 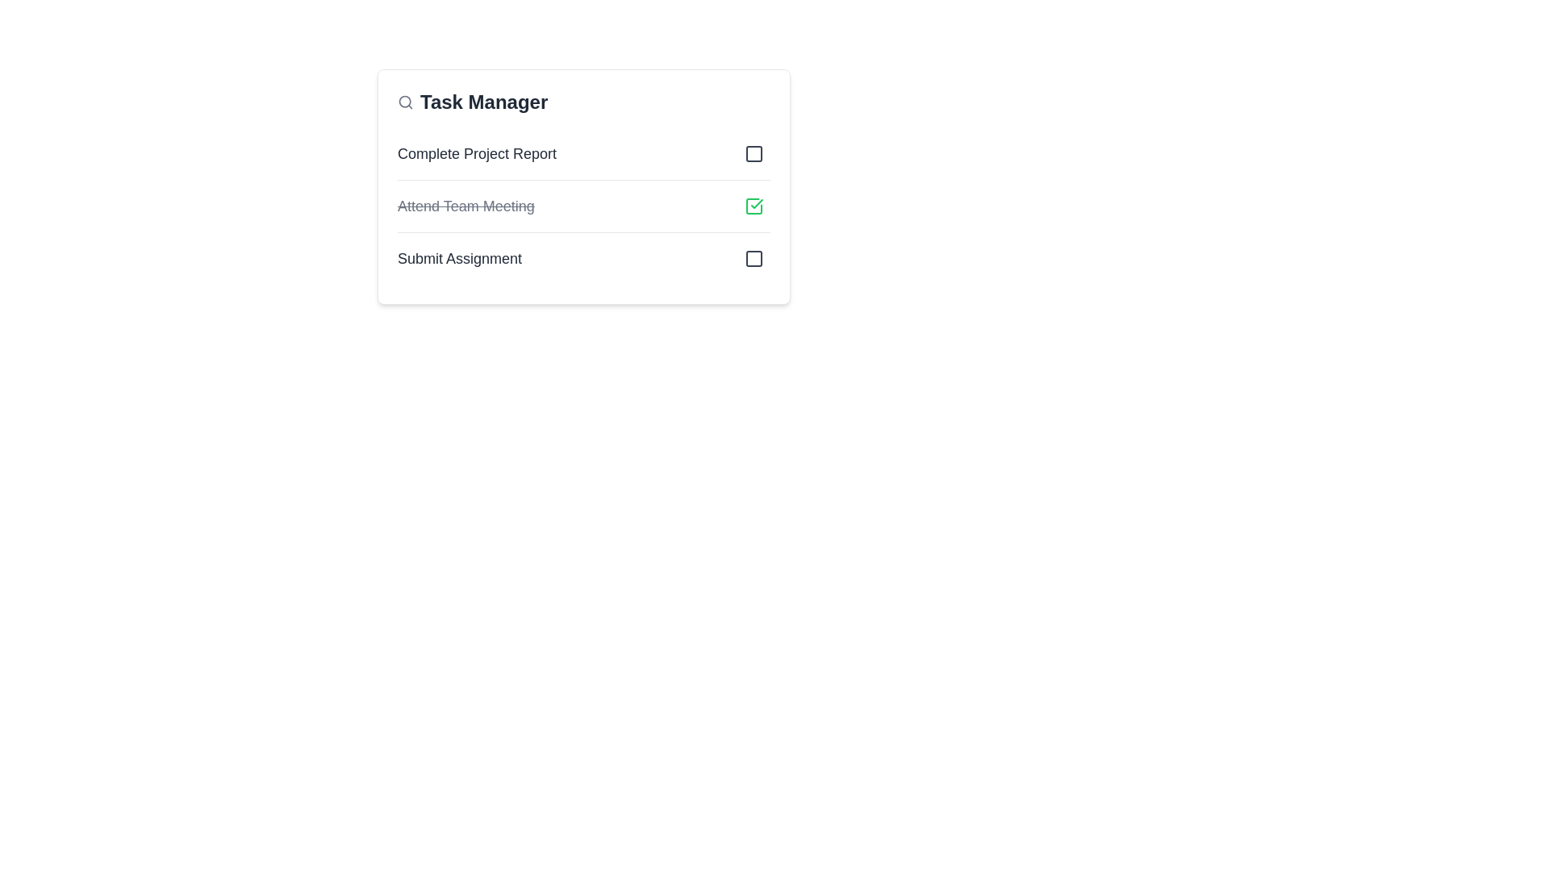 What do you see at coordinates (754, 205) in the screenshot?
I see `the 'Attend Team Meeting' completion button in the Task Manager interface` at bounding box center [754, 205].